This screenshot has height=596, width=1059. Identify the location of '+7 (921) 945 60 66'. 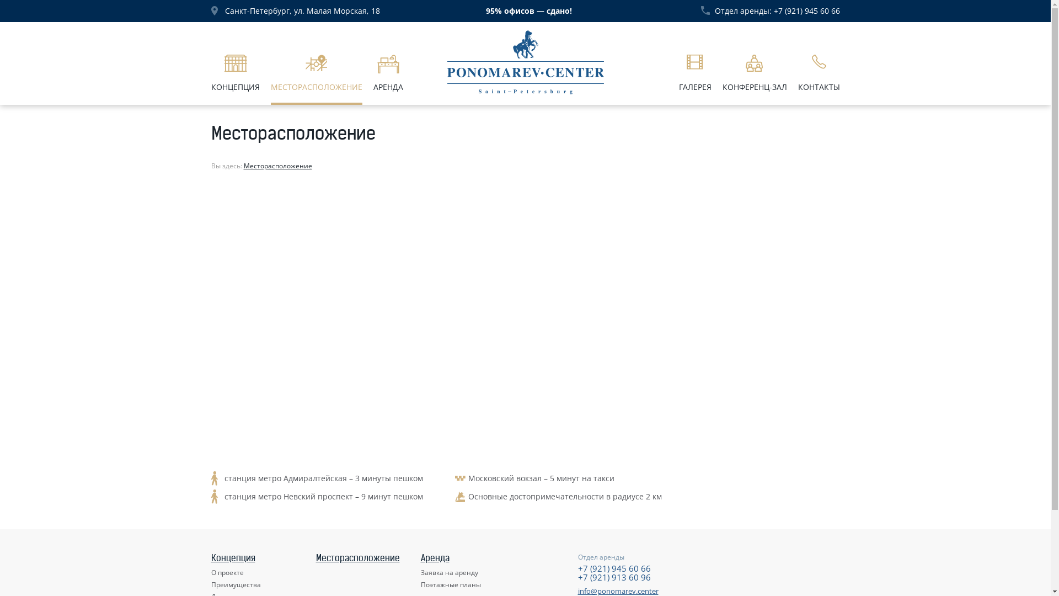
(613, 568).